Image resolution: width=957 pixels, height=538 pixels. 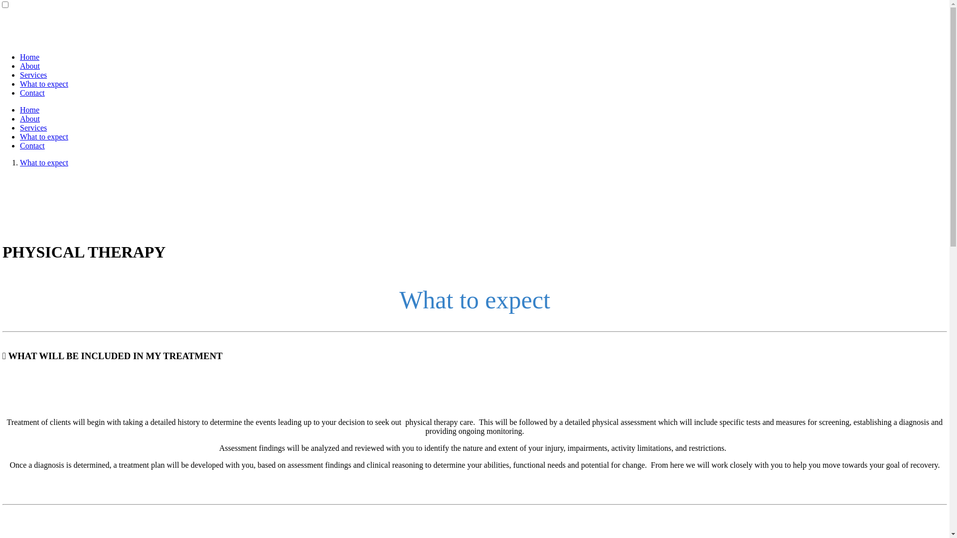 What do you see at coordinates (19, 66) in the screenshot?
I see `'About'` at bounding box center [19, 66].